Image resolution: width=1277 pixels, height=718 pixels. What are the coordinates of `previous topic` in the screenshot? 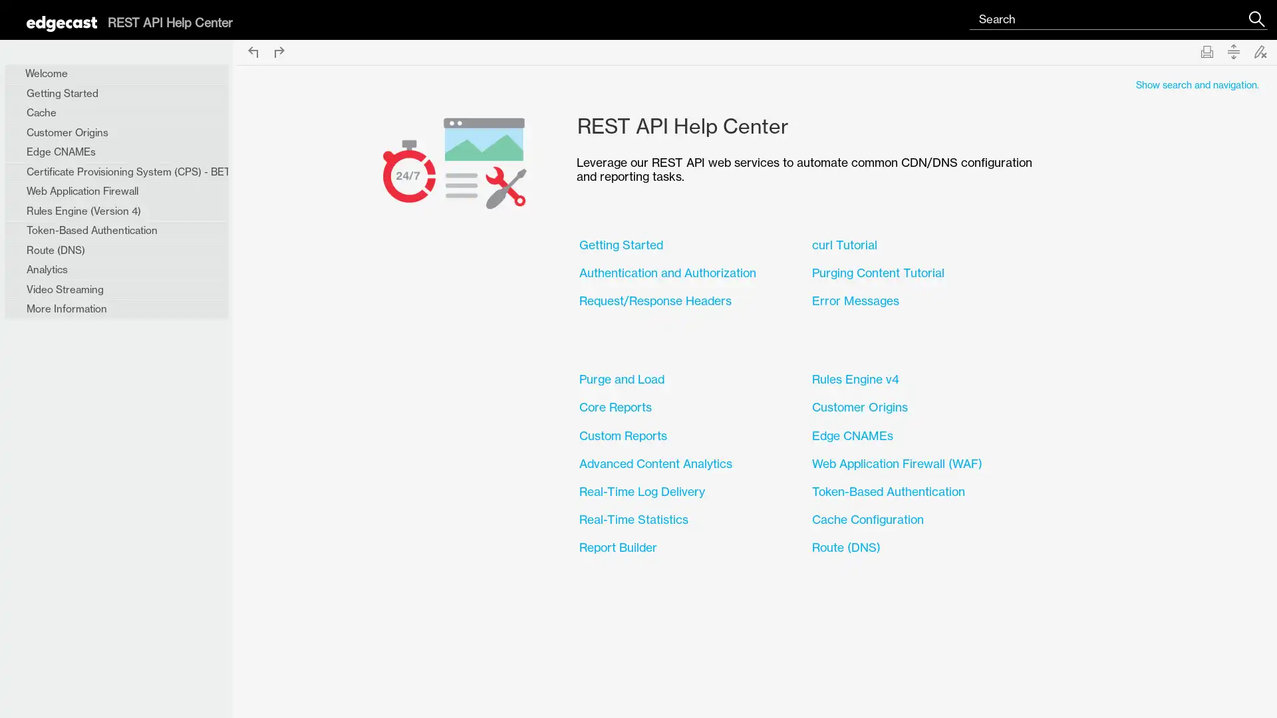 It's located at (252, 51).